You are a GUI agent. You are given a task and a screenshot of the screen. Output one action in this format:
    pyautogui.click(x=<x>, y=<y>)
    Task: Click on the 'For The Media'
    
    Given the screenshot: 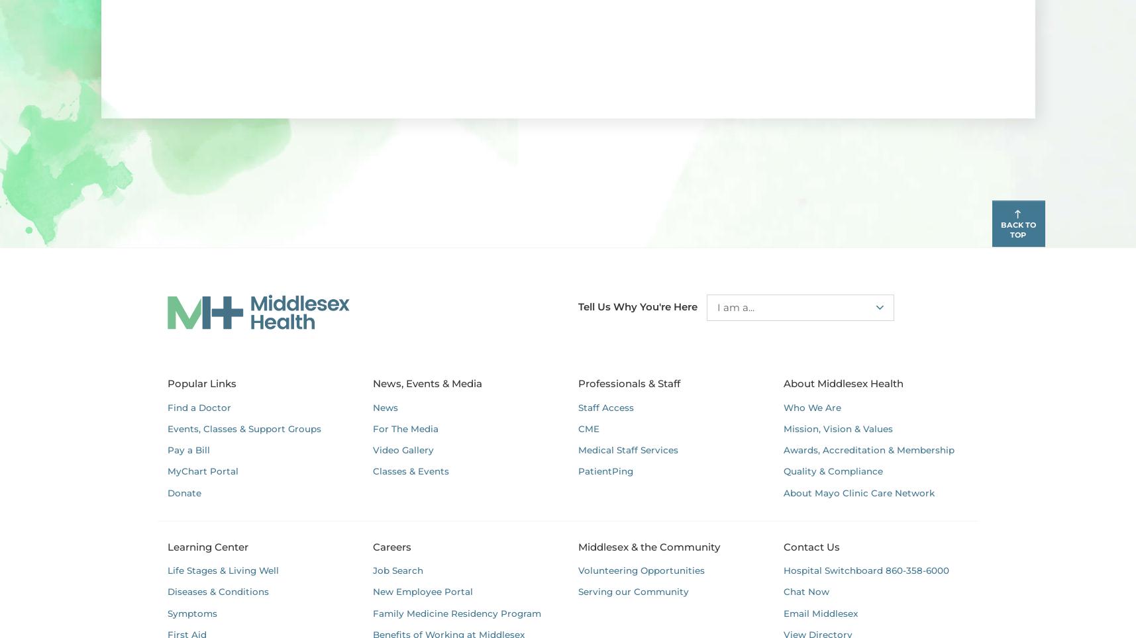 What is the action you would take?
    pyautogui.click(x=404, y=428)
    